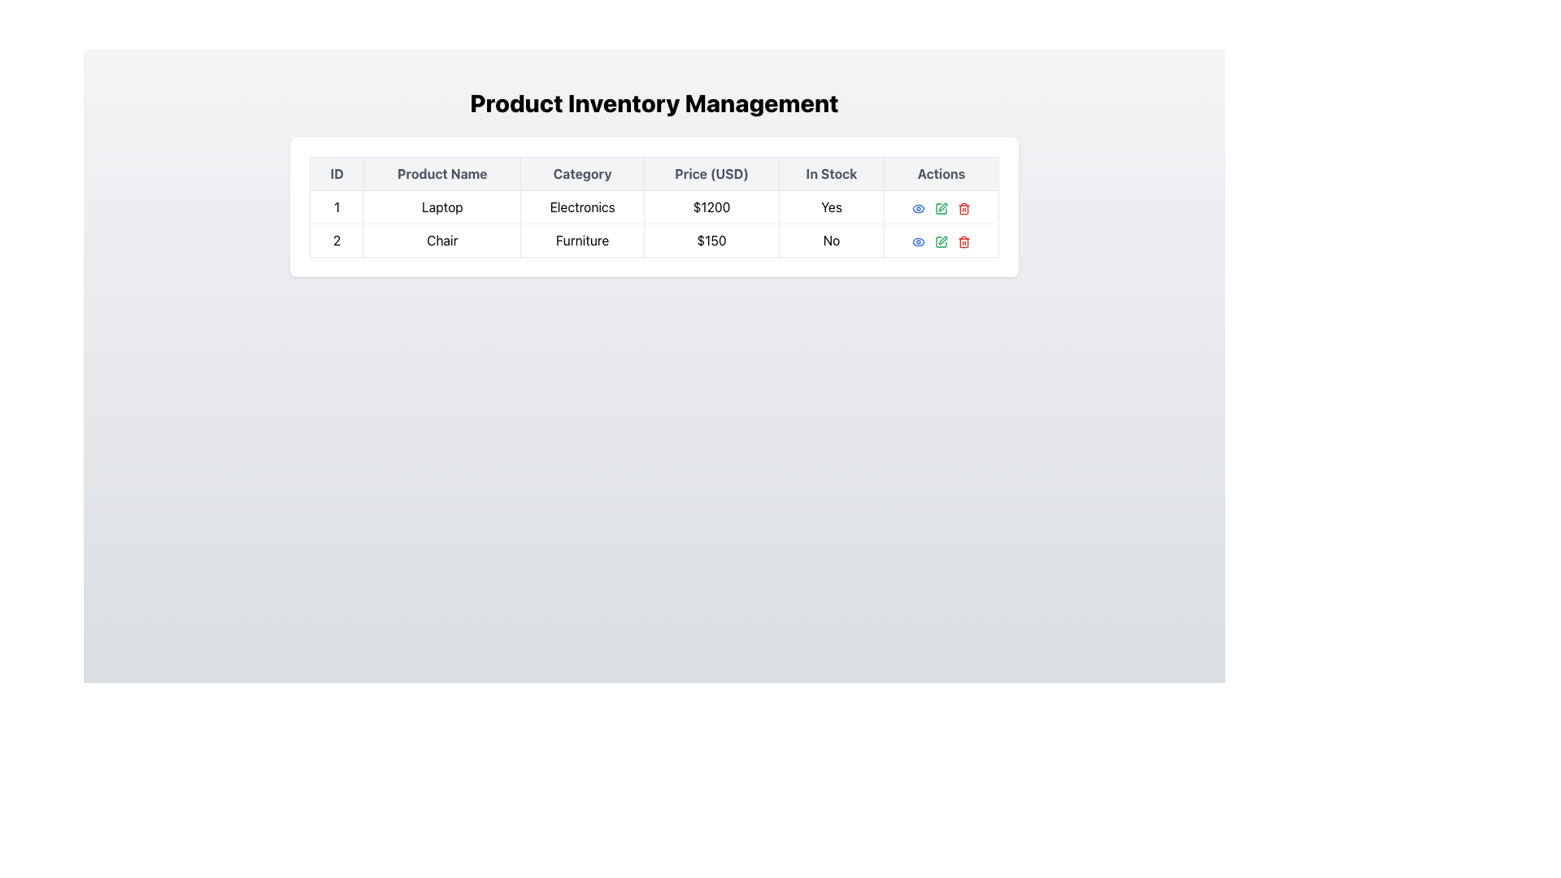  What do you see at coordinates (336, 173) in the screenshot?
I see `the text label displaying 'ID', which is the first column header in a grid layout of tabular data, positioned at the far left of the row containing headers like 'Product Name' and 'Category'` at bounding box center [336, 173].